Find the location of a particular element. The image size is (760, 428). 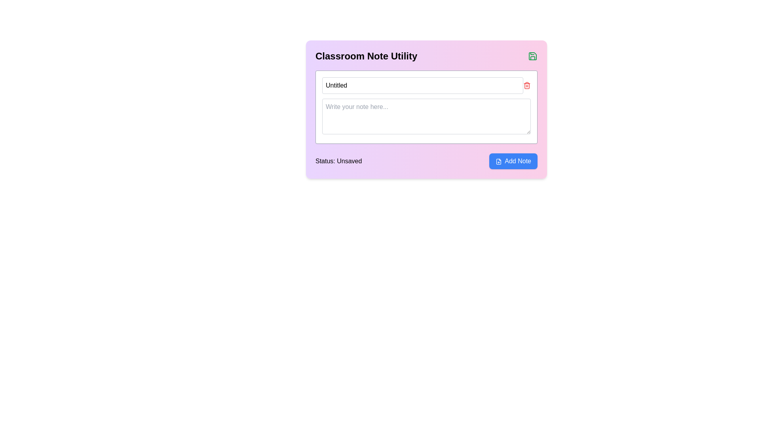

the green outlined document icon in the top-right corner of the header section of the 'Classroom Note Utility' is located at coordinates (532, 56).